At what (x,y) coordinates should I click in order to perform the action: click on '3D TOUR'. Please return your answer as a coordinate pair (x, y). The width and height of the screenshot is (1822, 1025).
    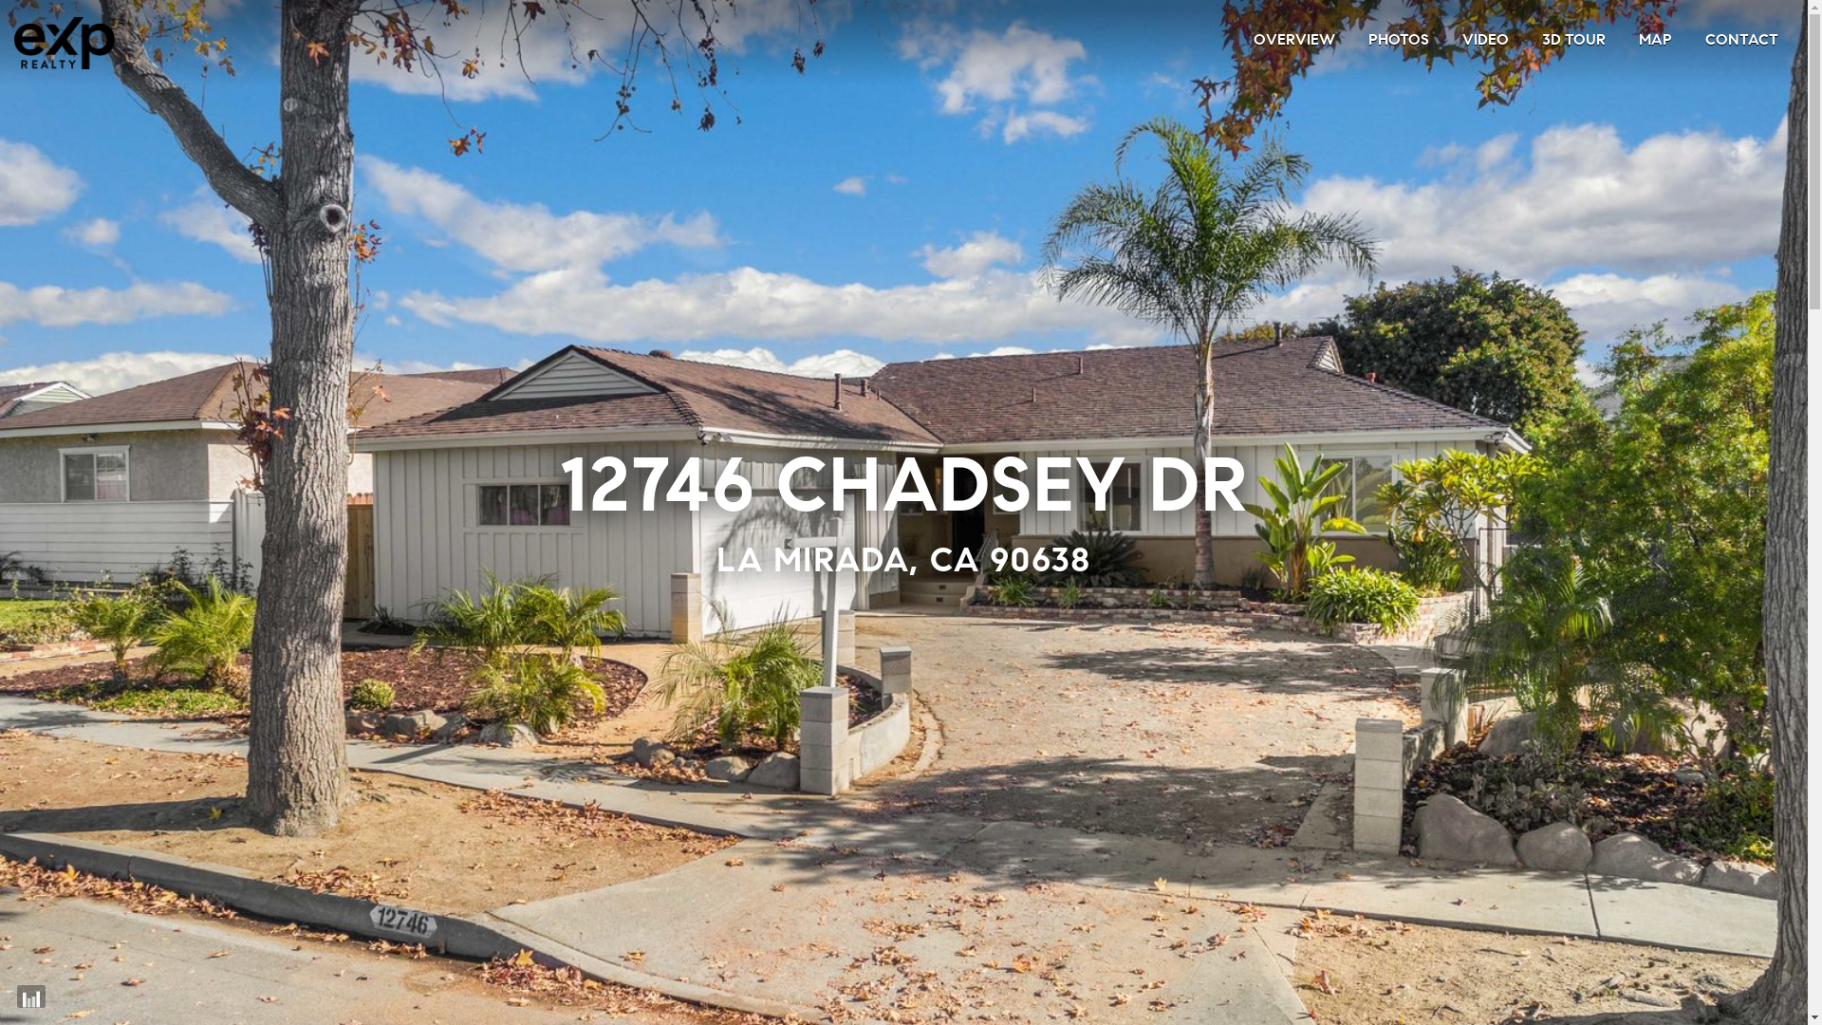
    Looking at the image, I should click on (1542, 39).